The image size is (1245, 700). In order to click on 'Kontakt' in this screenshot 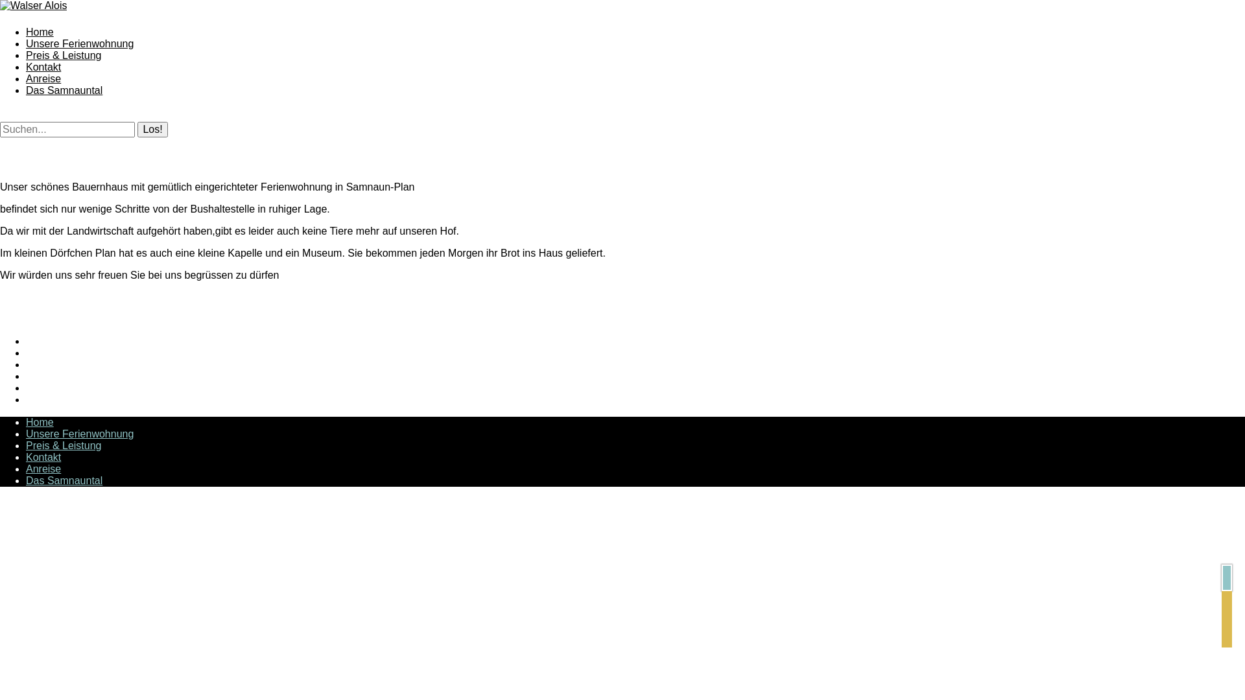, I will do `click(43, 456)`.